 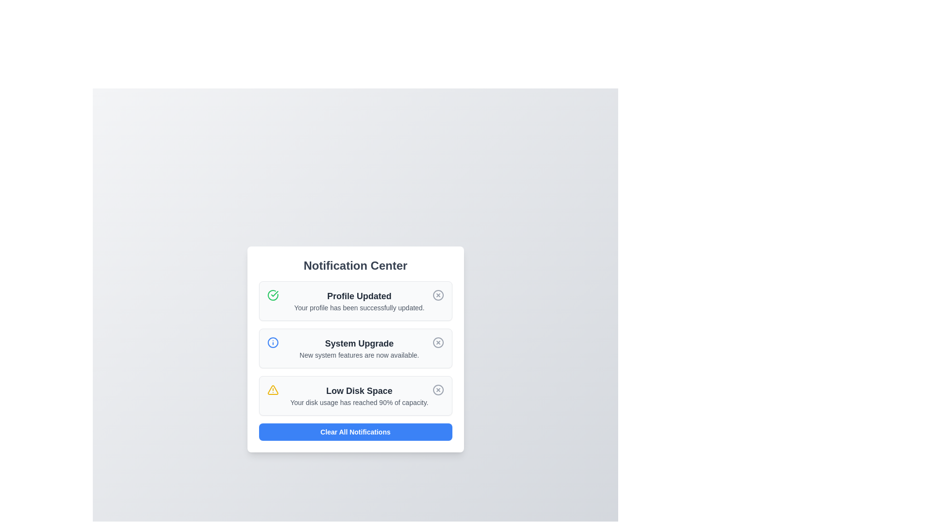 I want to click on the dismiss button located in the top-right corner of the 'System Upgrade' notification card in the Notification Center, so click(x=437, y=342).